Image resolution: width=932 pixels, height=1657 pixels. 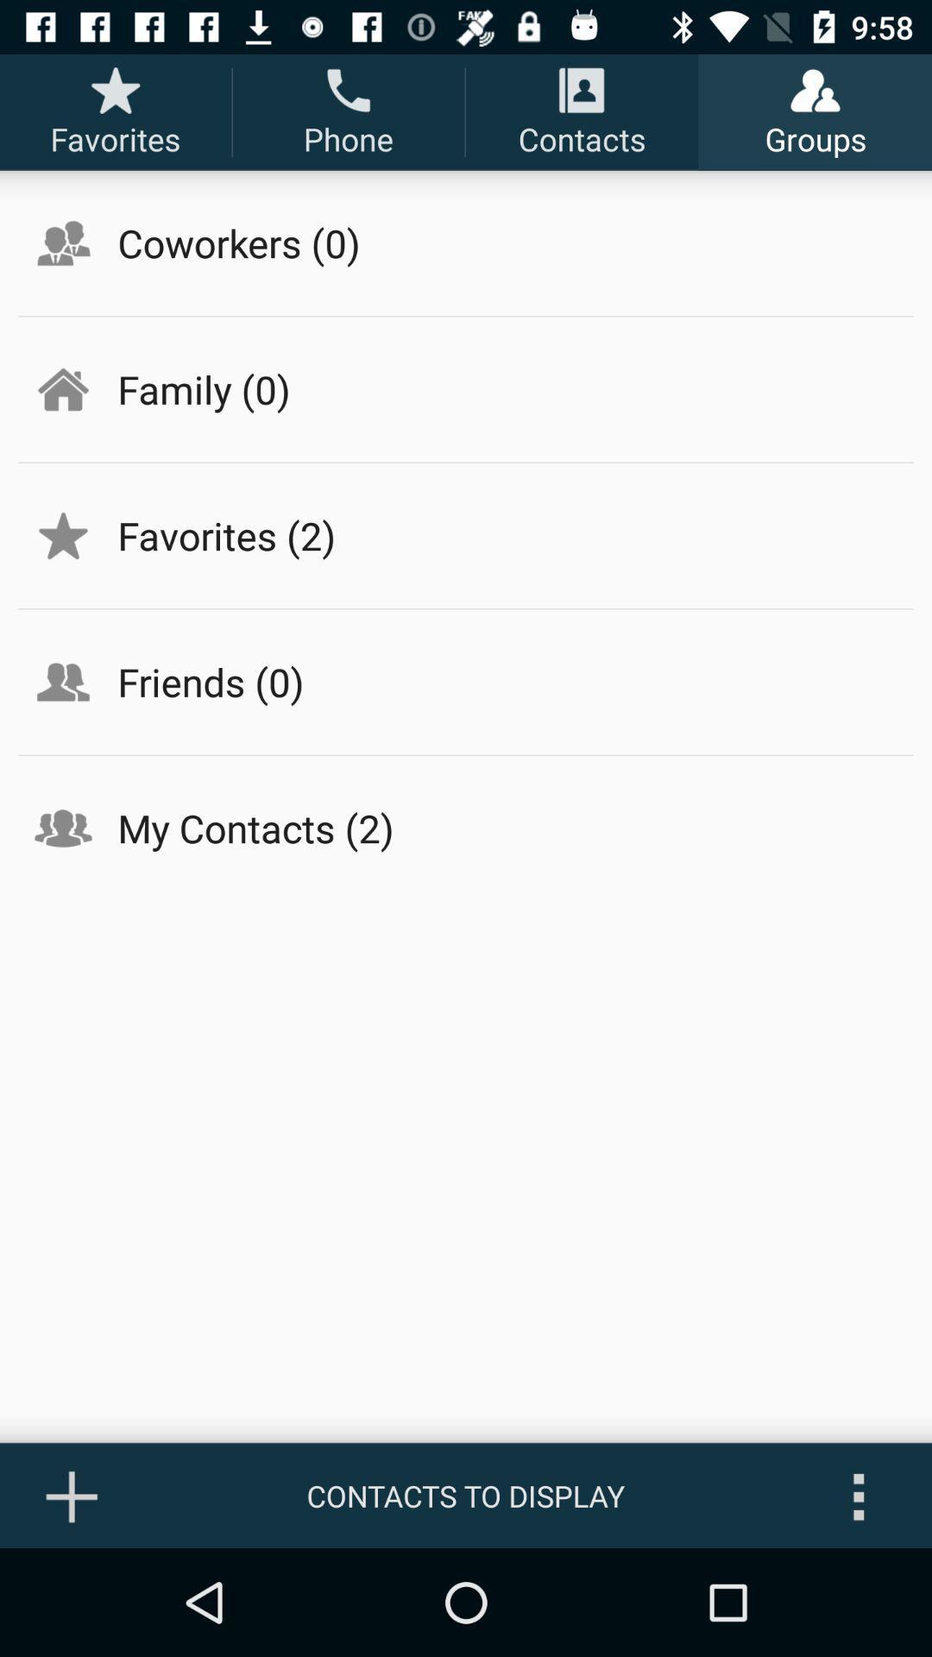 I want to click on icon next to the contacts to display item, so click(x=72, y=1495).